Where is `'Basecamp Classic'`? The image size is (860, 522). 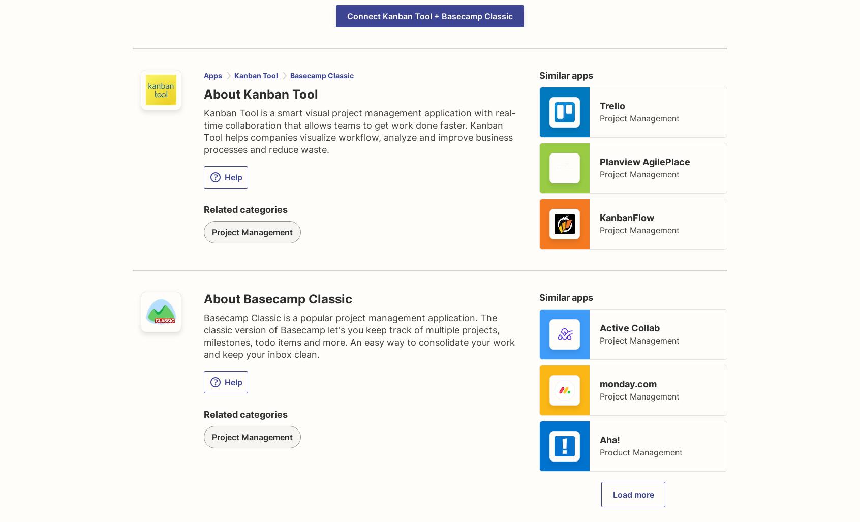
'Basecamp Classic' is located at coordinates (290, 75).